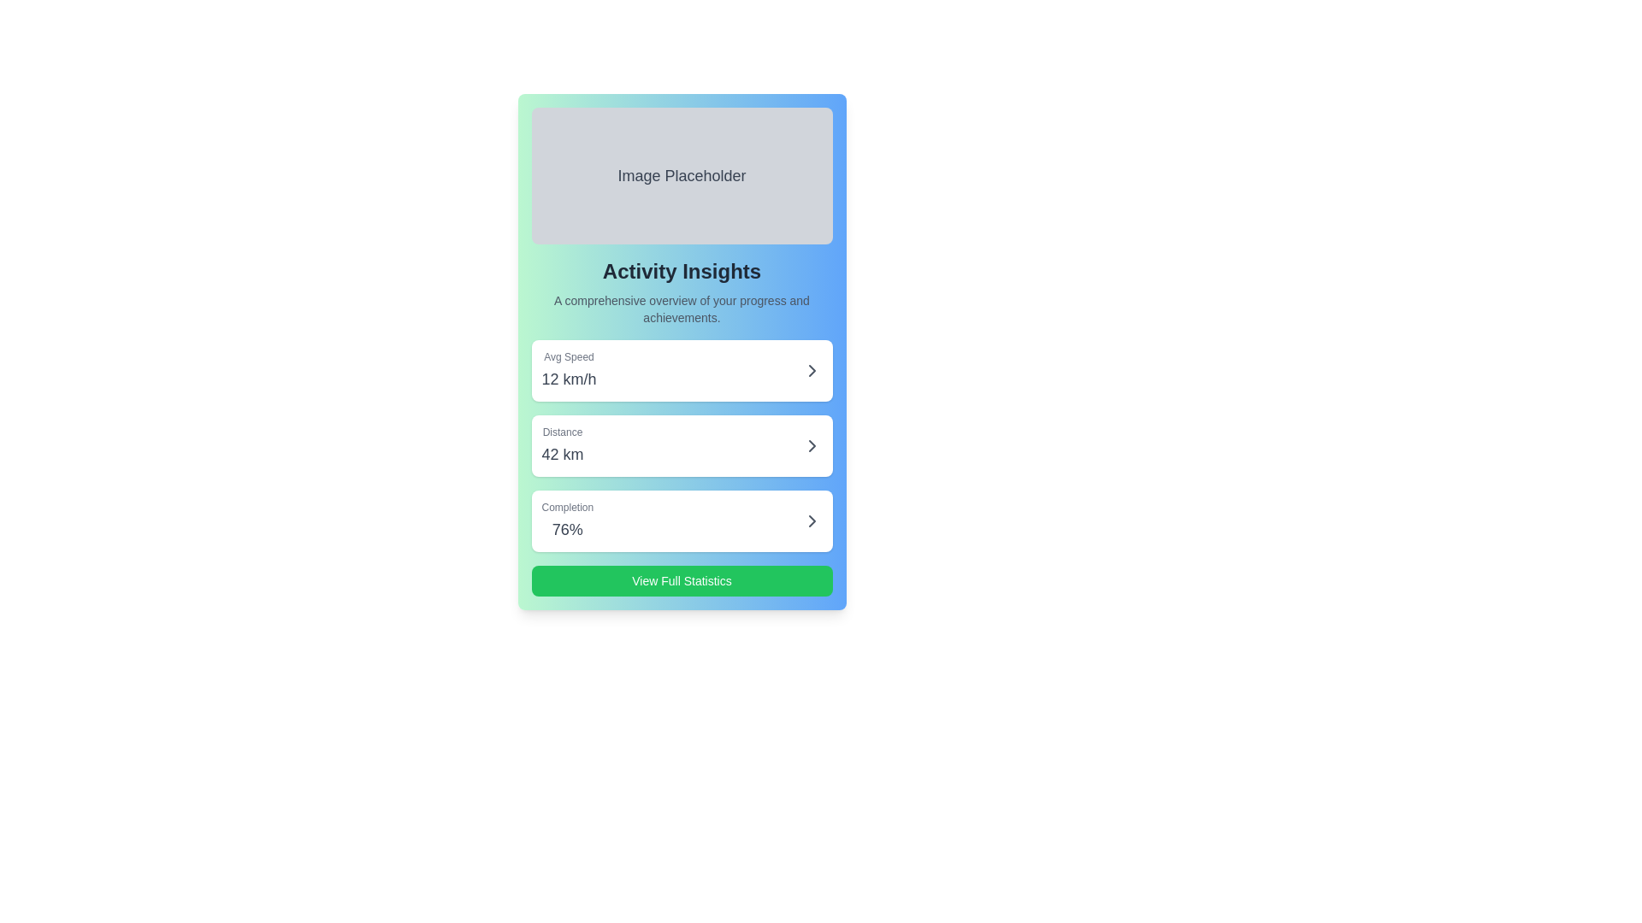 The image size is (1642, 923). Describe the element at coordinates (569, 370) in the screenshot. I see `text display showing 'Avg Speed' and '12 km/h' located in the topmost white card beneath 'Activity Insights'` at that location.